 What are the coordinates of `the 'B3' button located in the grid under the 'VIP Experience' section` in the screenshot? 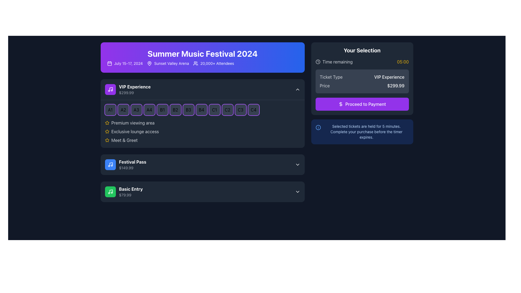 It's located at (188, 110).